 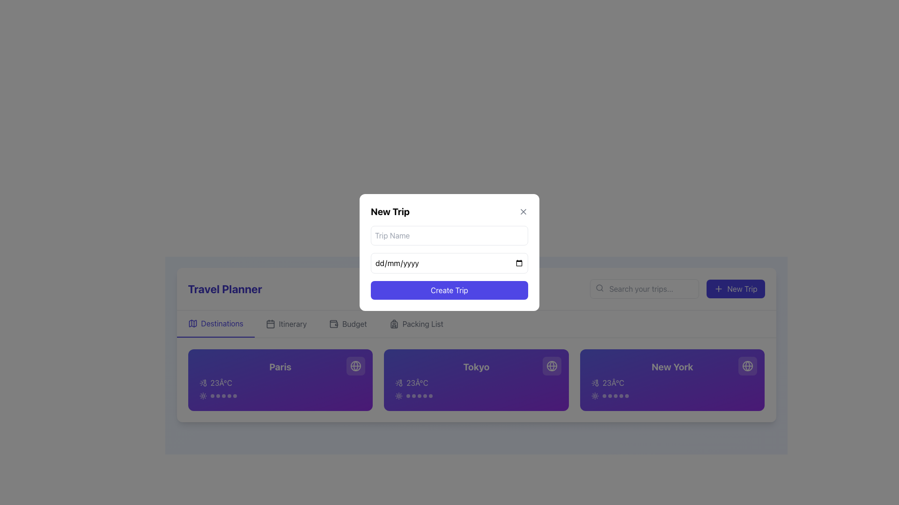 What do you see at coordinates (552, 366) in the screenshot?
I see `the location icon in the lower right region of the 'New York' trip card to enhance the user's comprehension of the information` at bounding box center [552, 366].